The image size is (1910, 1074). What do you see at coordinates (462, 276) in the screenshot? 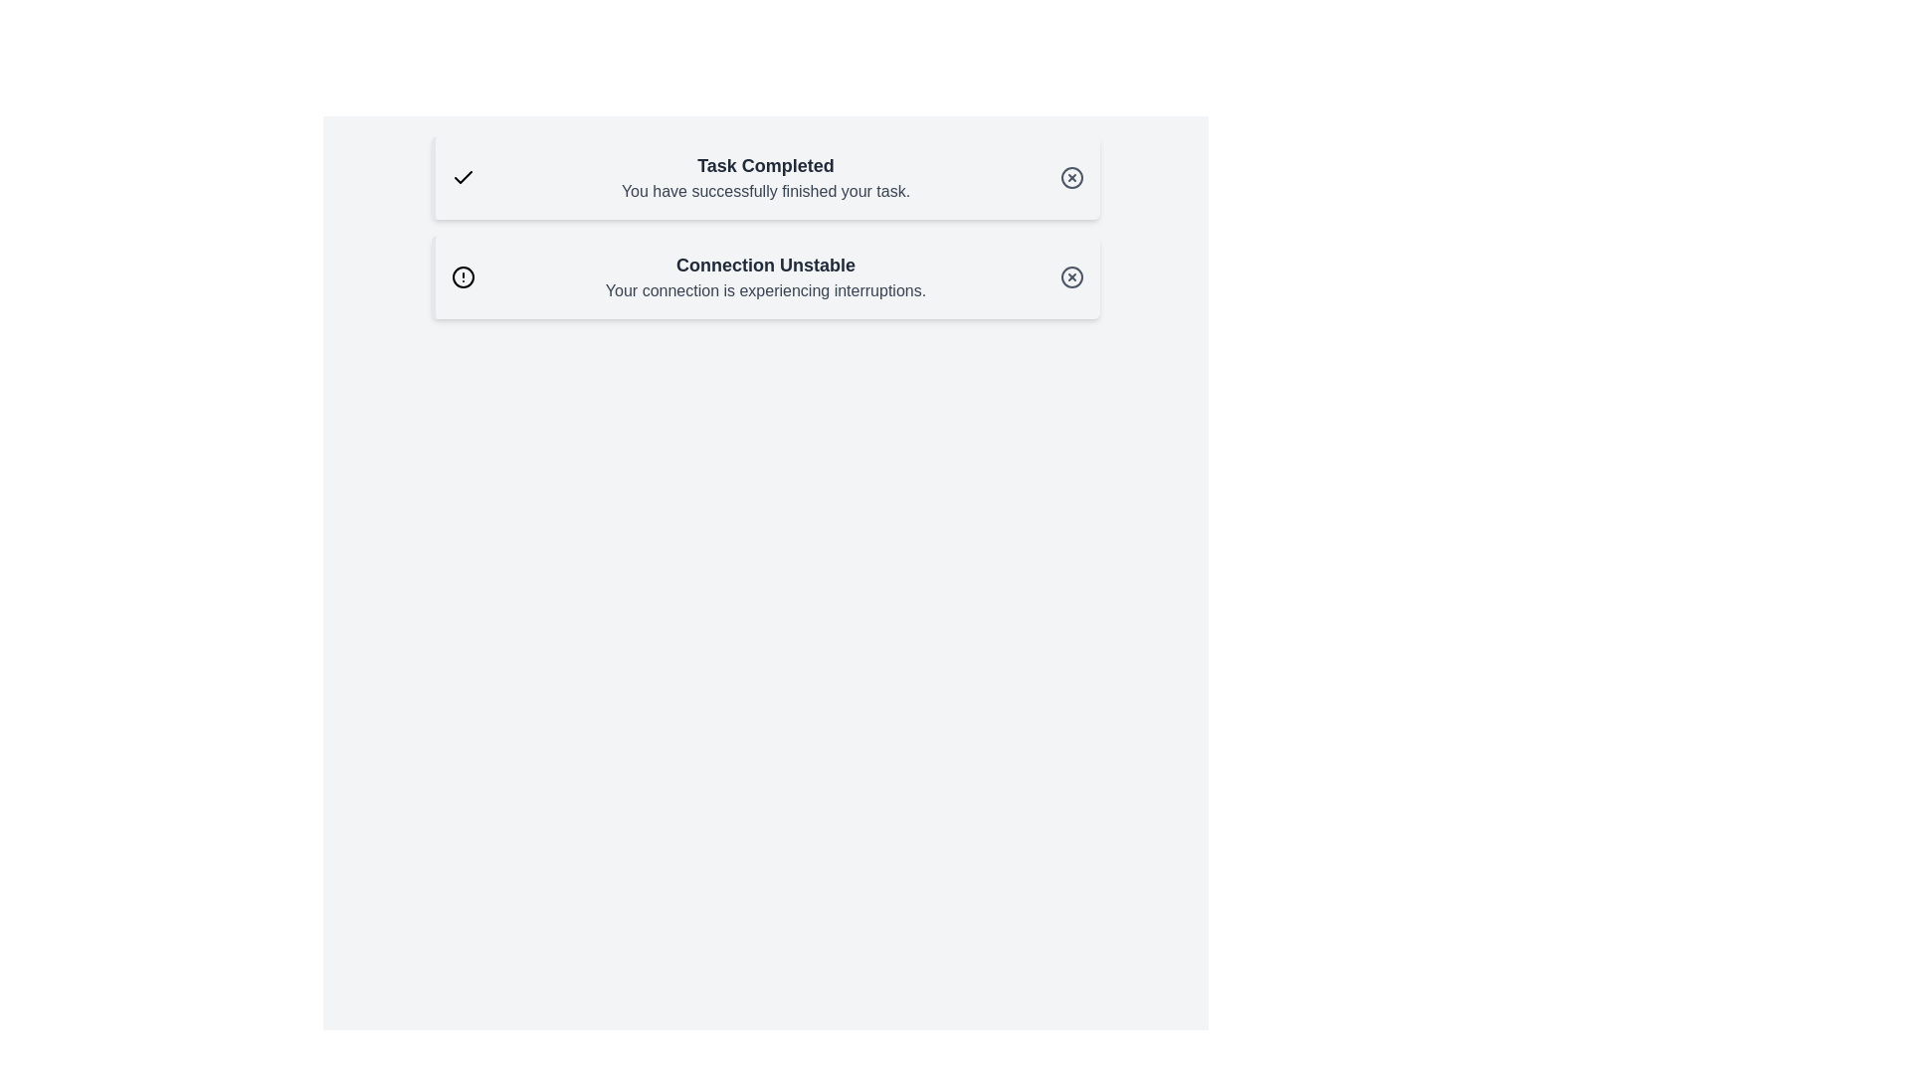
I see `the circular icon indicating 'Connection Unstable' in the notification panel` at bounding box center [462, 276].